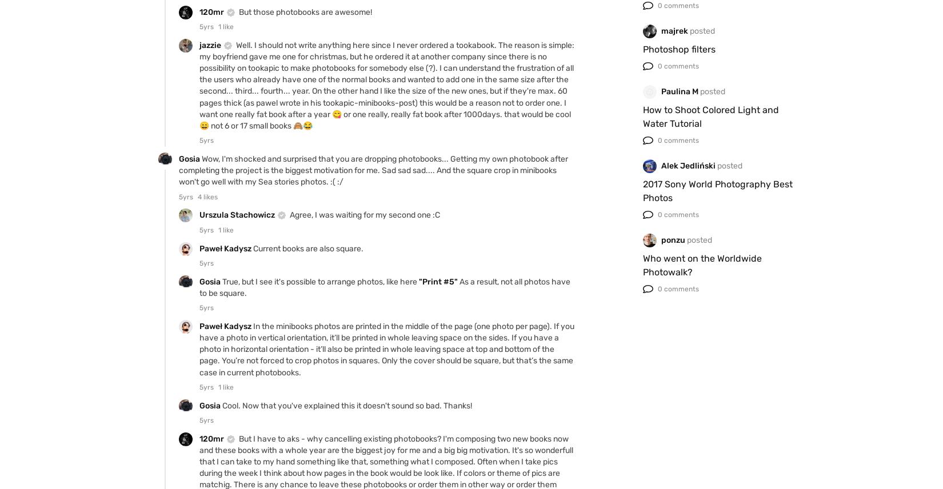 This screenshot has width=943, height=489. Describe the element at coordinates (674, 239) in the screenshot. I see `'ponzu'` at that location.